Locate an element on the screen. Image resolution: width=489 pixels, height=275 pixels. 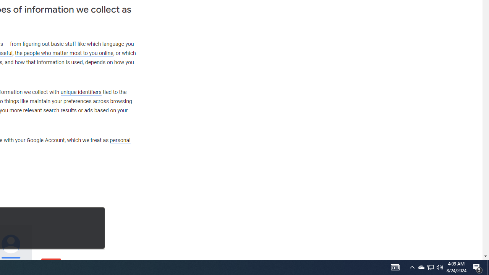
'the people who matter most to you online' is located at coordinates (64, 53).